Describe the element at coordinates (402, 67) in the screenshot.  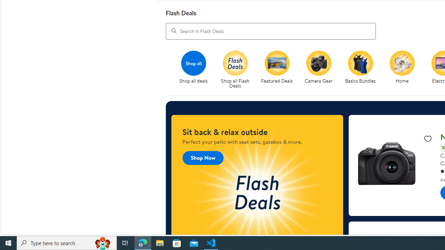
I see `'Home Home'` at that location.